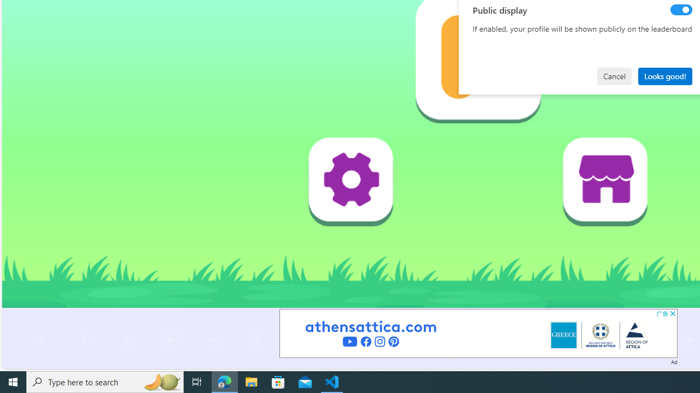  I want to click on 'Advertisement', so click(478, 332).